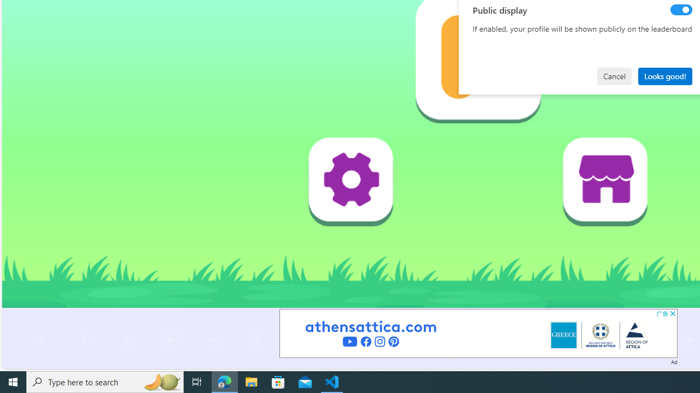  I want to click on 'Advertisement', so click(478, 332).